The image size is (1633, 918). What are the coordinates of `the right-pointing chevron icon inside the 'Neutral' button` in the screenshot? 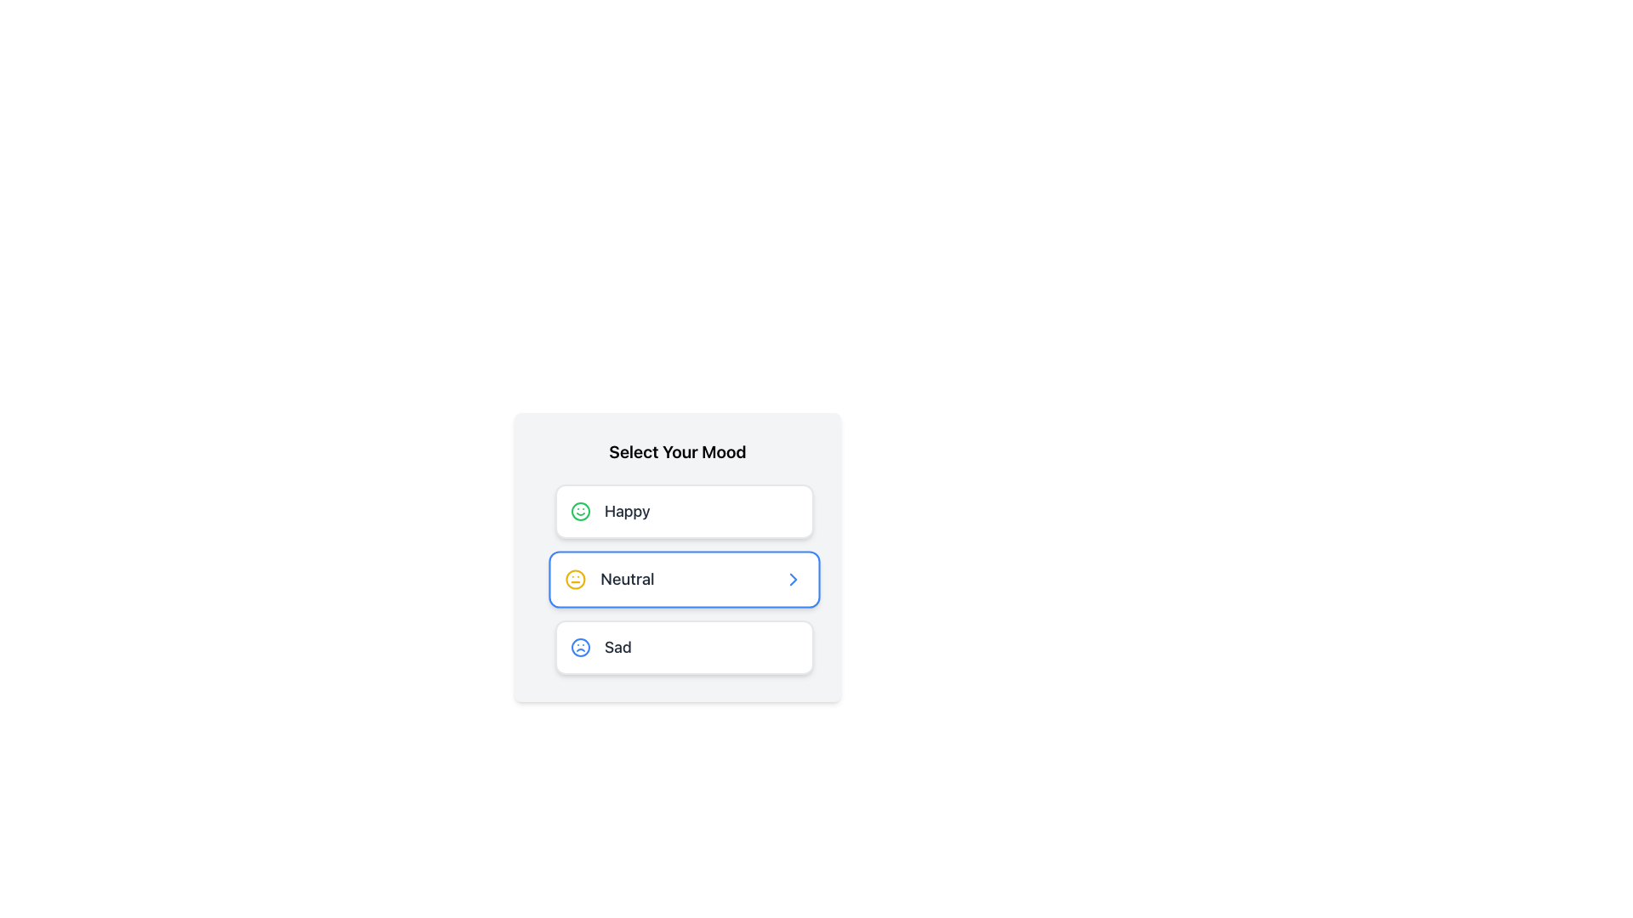 It's located at (793, 579).